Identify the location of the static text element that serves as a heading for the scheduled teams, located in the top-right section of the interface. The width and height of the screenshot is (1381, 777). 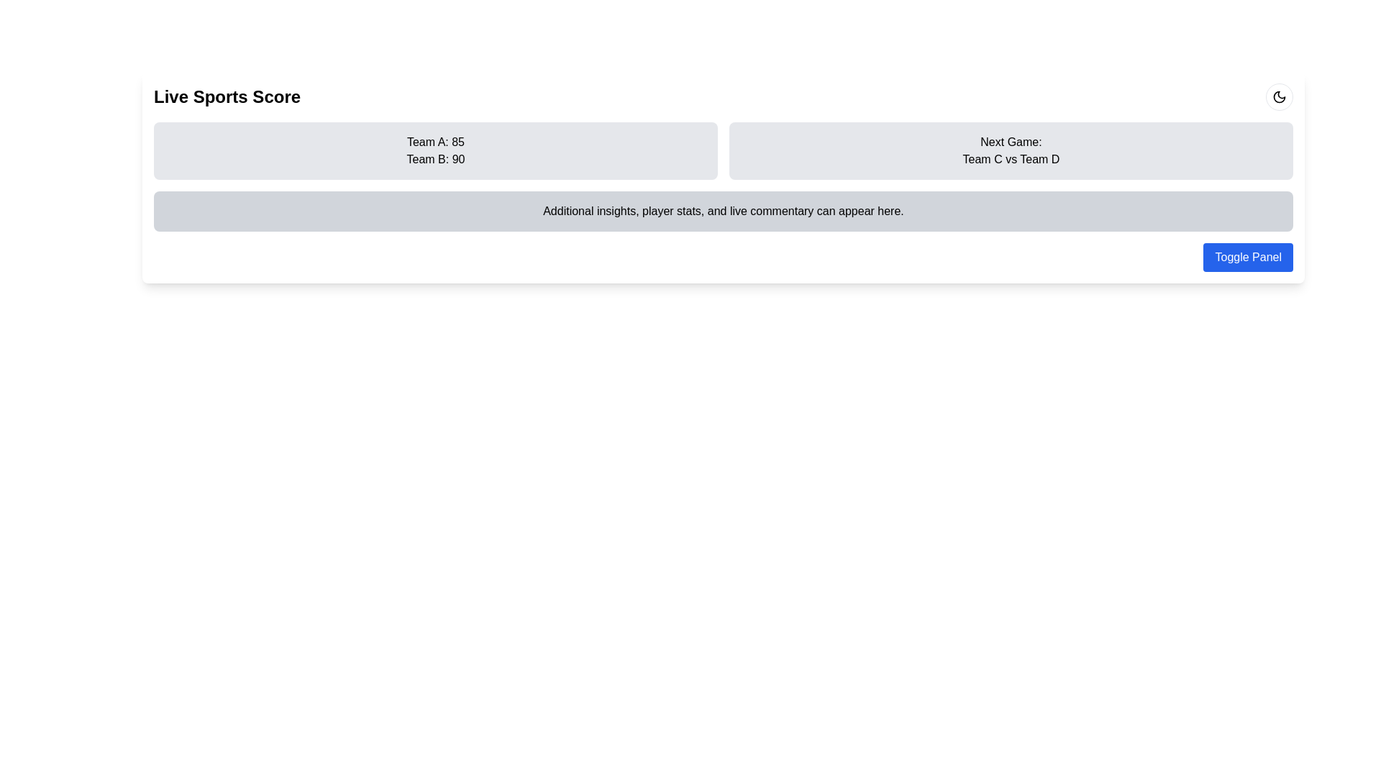
(1011, 142).